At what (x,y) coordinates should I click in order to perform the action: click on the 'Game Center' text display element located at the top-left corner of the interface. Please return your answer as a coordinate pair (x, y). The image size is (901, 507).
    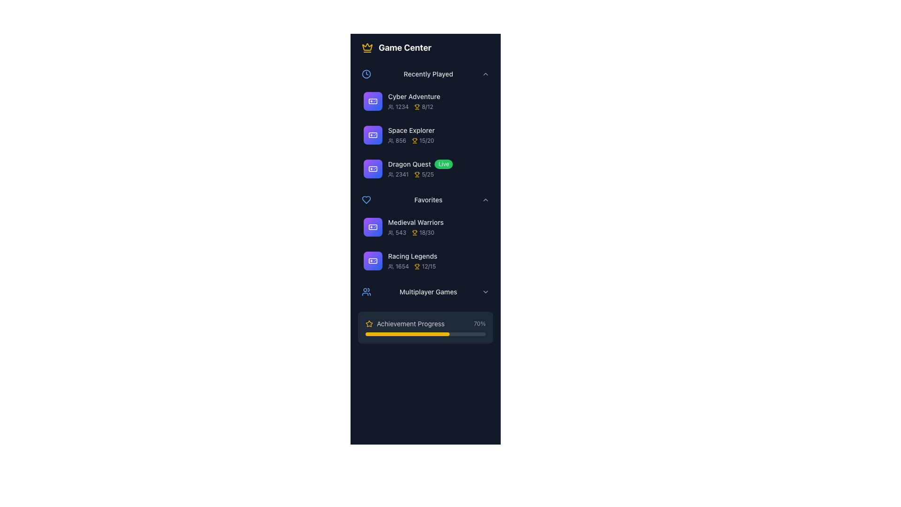
    Looking at the image, I should click on (405, 47).